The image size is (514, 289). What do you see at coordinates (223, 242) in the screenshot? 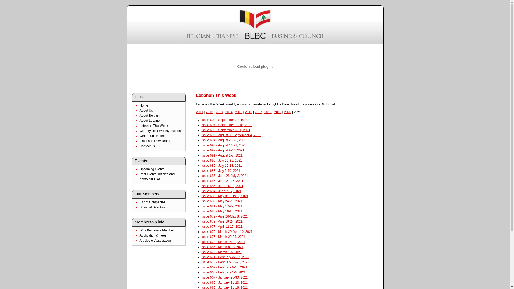
I see `'Issue 674 - March 15-20, 2021'` at bounding box center [223, 242].